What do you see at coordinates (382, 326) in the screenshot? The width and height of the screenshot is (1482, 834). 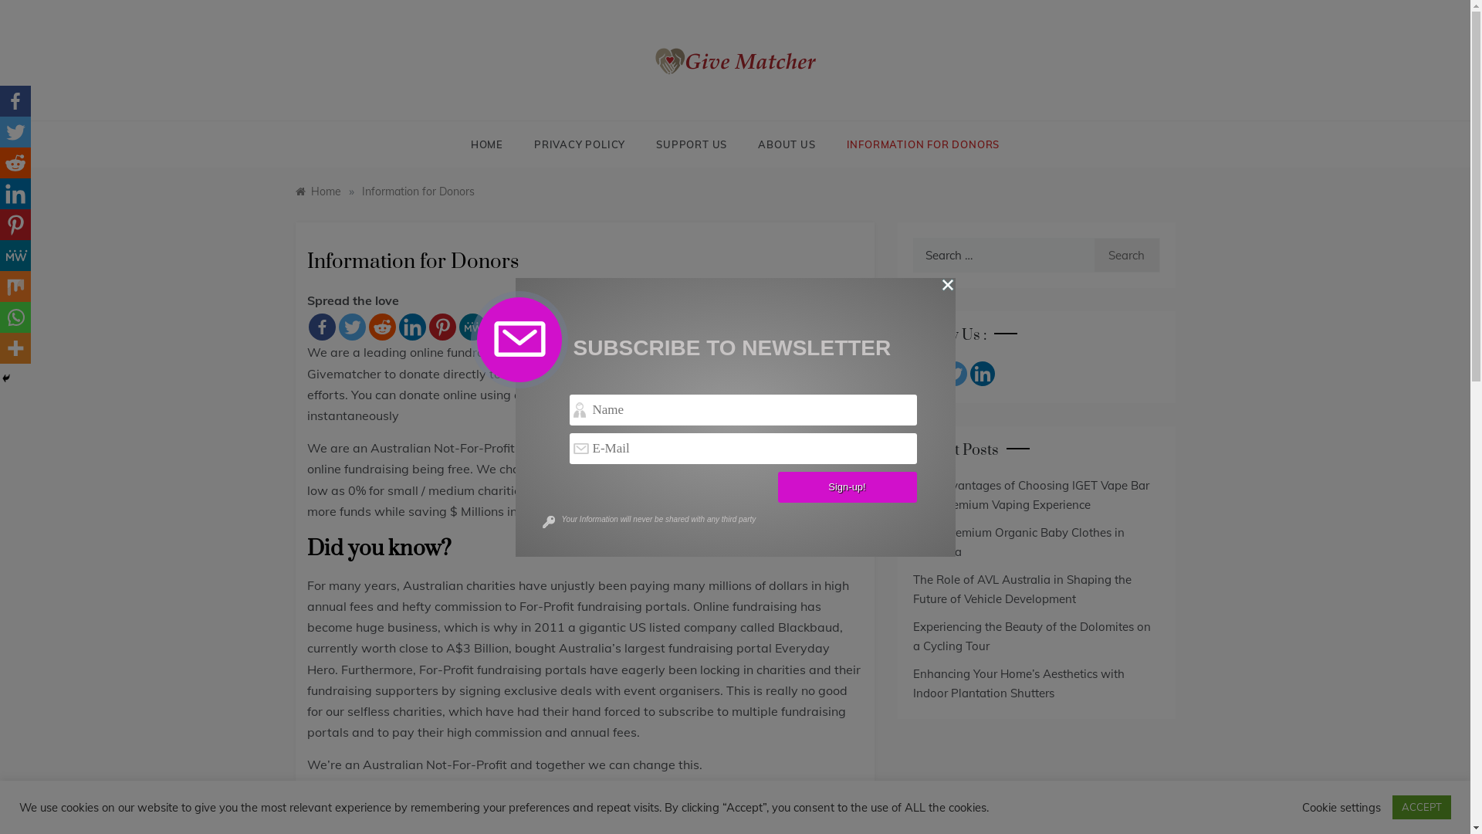 I see `'Reddit'` at bounding box center [382, 326].